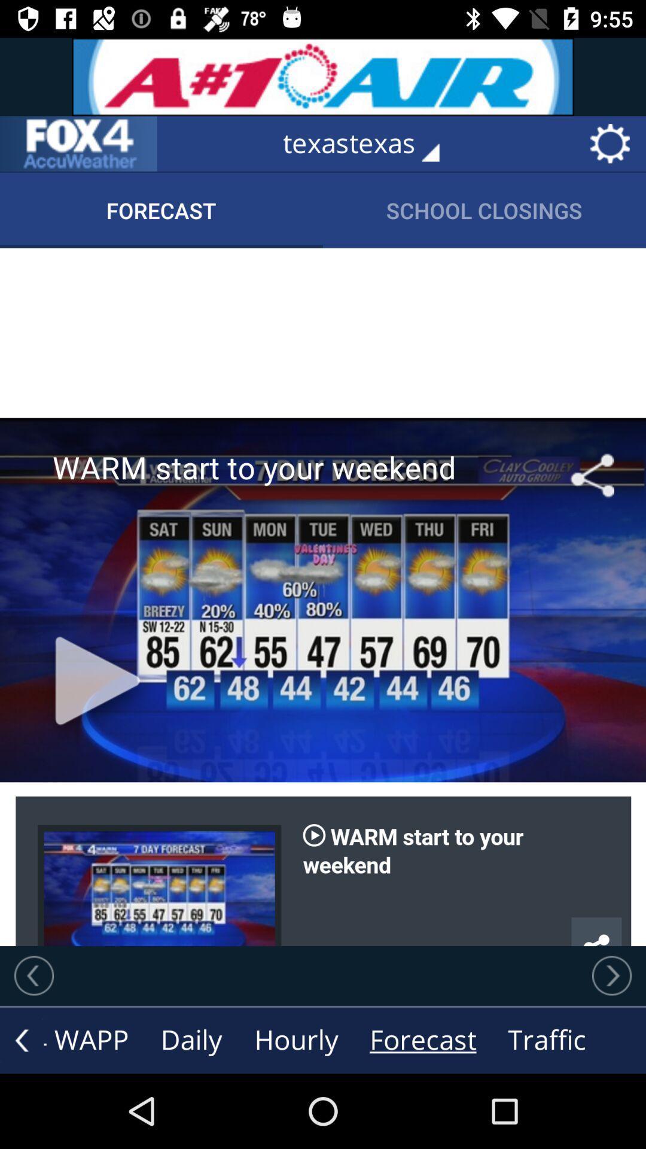 The image size is (646, 1149). What do you see at coordinates (22, 1039) in the screenshot?
I see `the arrow_backward icon` at bounding box center [22, 1039].